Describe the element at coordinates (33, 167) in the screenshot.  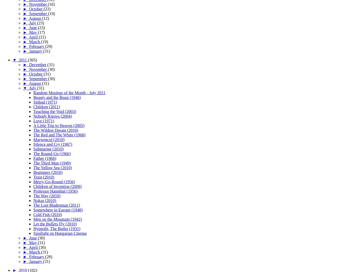
I see `'The Yellow Sea (2010)'` at that location.